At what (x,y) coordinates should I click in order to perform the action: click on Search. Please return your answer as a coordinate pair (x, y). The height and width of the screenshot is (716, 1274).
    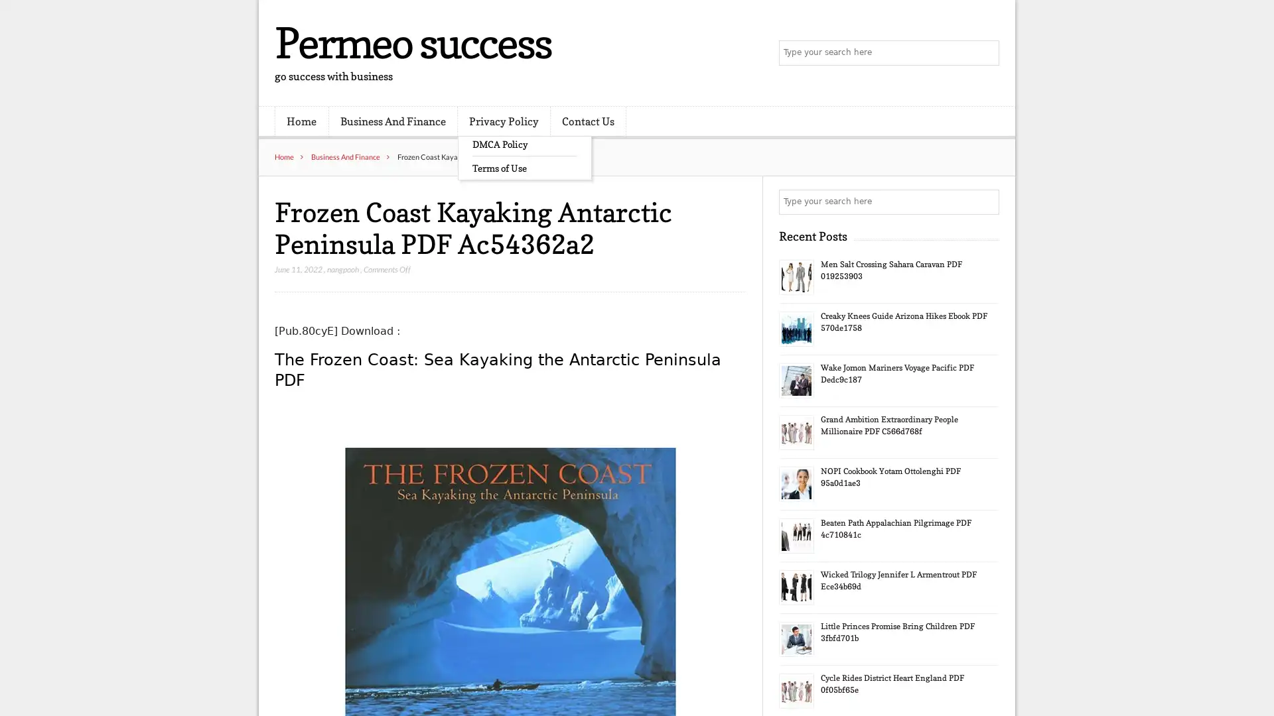
    Looking at the image, I should click on (985, 53).